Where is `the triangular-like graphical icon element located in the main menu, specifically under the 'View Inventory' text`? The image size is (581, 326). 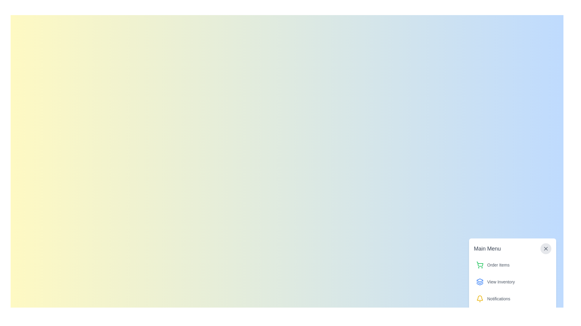
the triangular-like graphical icon element located in the main menu, specifically under the 'View Inventory' text is located at coordinates (479, 284).